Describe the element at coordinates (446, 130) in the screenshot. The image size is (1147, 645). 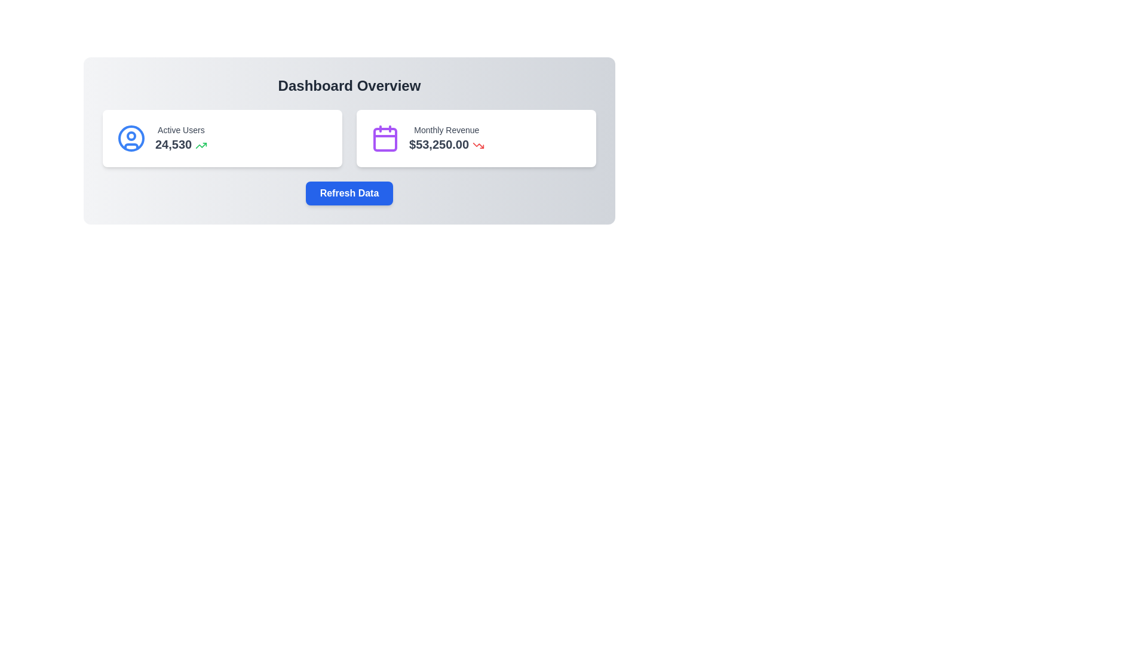
I see `the static text label displaying 'Monthly Revenue', which is positioned above the monetary value '$53,250.00' and to the right of a purple calendar icon` at that location.